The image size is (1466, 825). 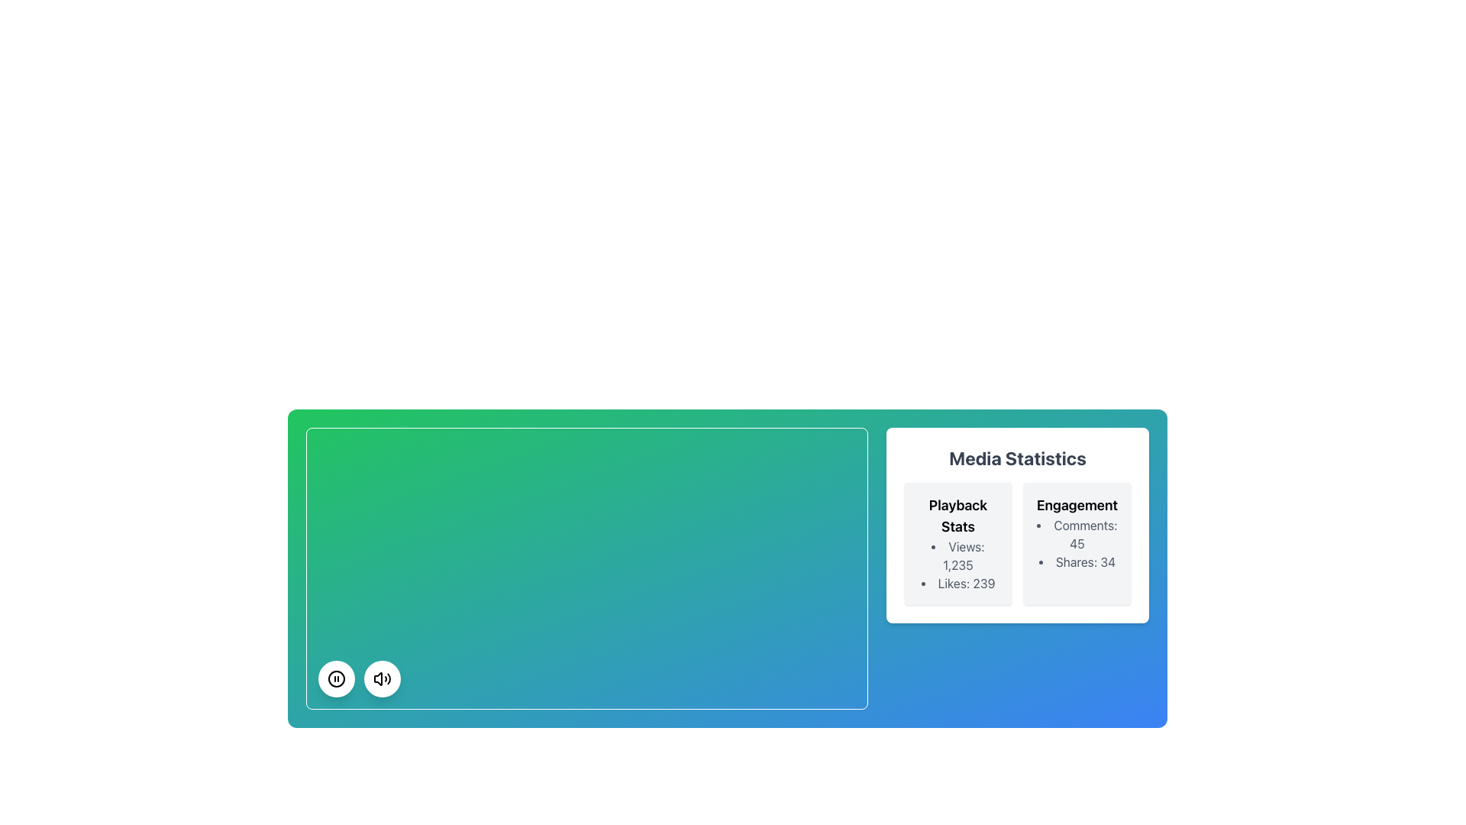 What do you see at coordinates (1018, 458) in the screenshot?
I see `the bold text label reading 'Media Statistics' located at the top of the statistics panel, which is positioned in the top-right corner of the interface` at bounding box center [1018, 458].